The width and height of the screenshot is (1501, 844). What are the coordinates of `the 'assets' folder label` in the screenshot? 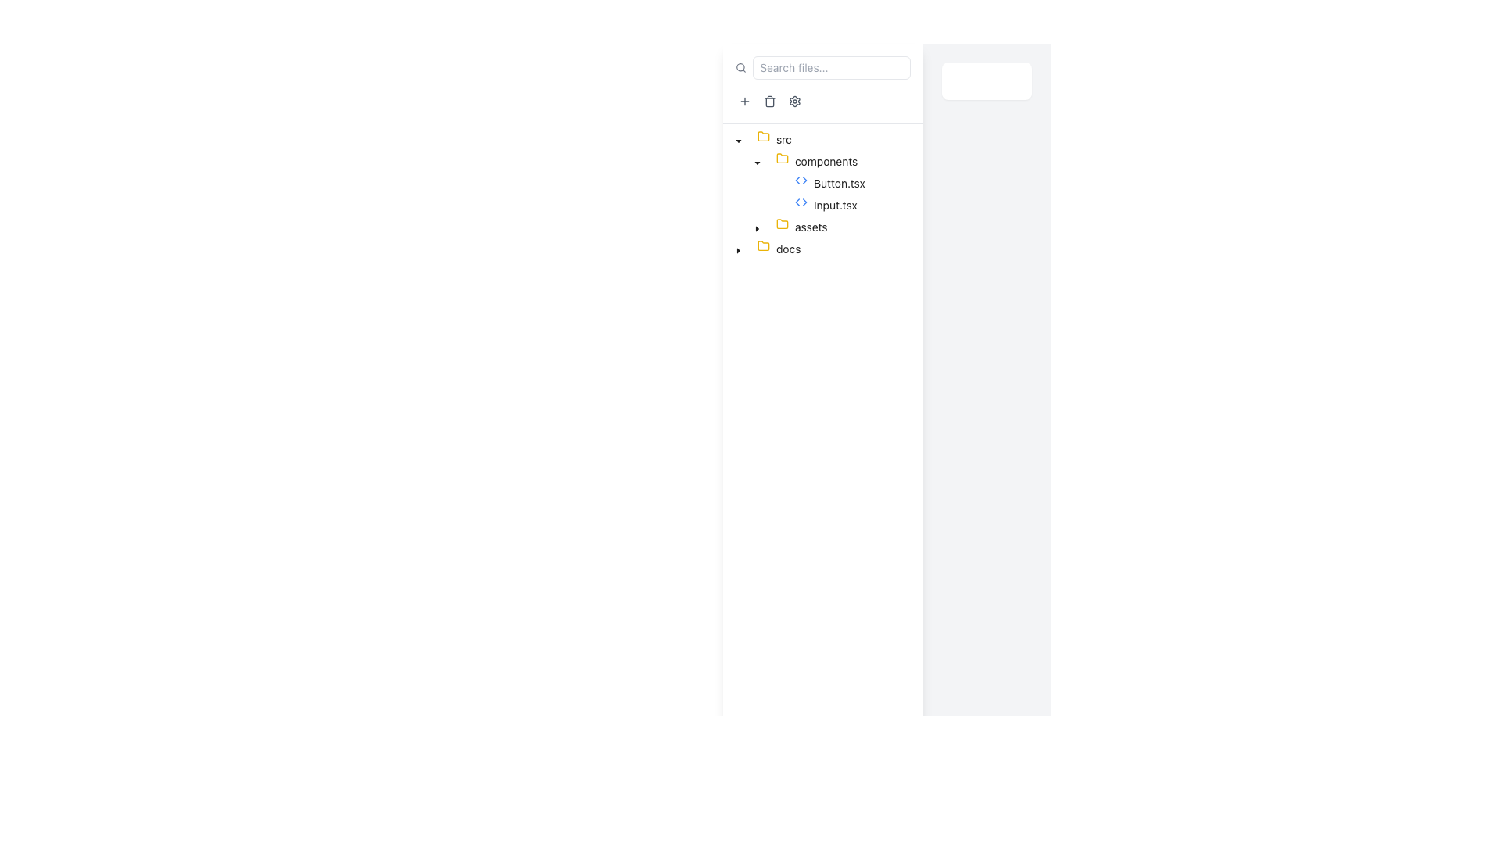 It's located at (801, 227).